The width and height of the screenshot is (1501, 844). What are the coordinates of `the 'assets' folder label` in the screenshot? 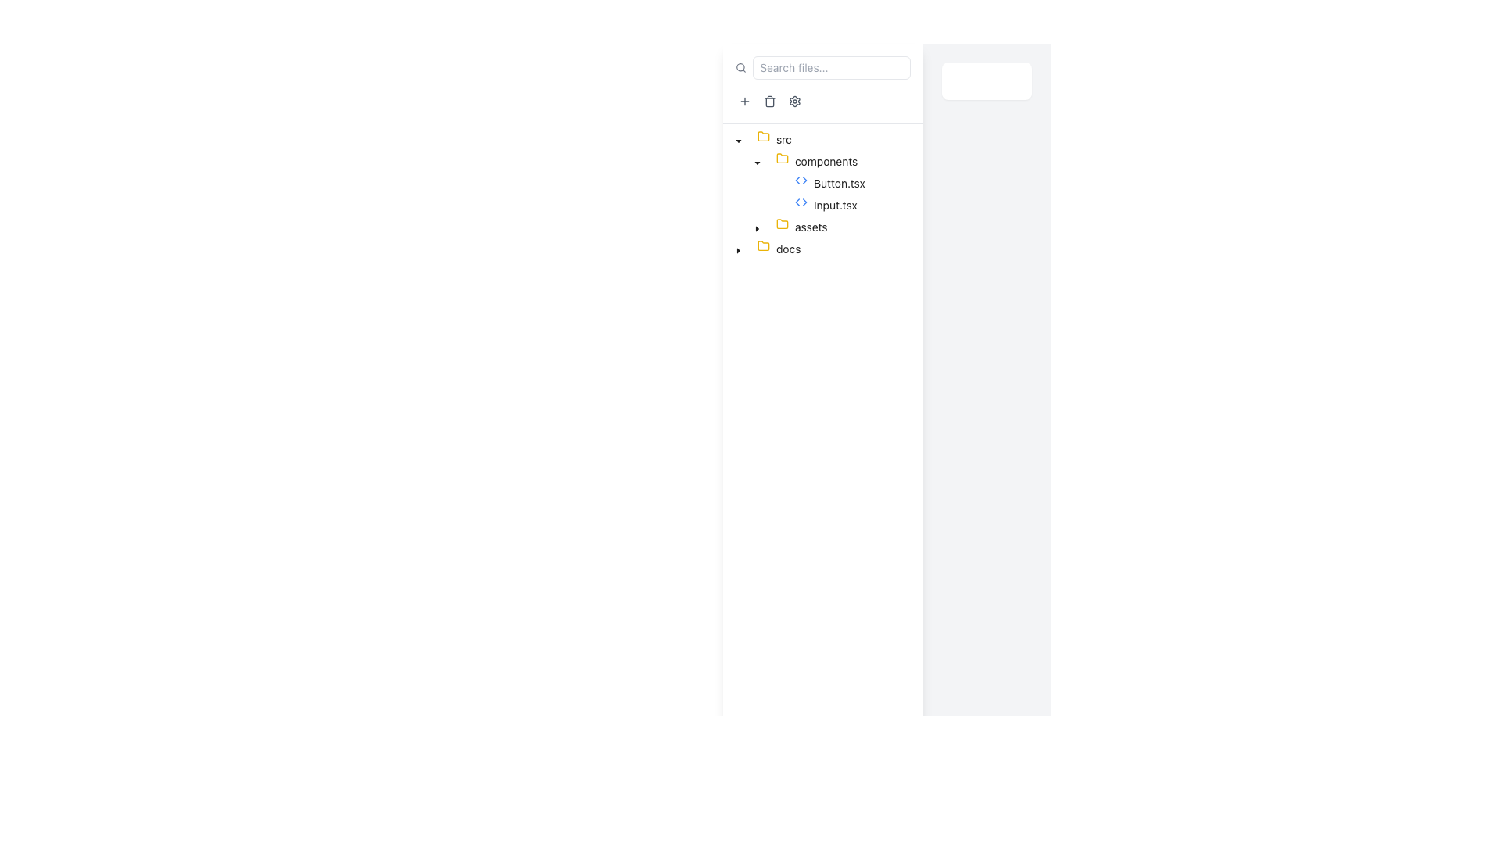 It's located at (801, 227).